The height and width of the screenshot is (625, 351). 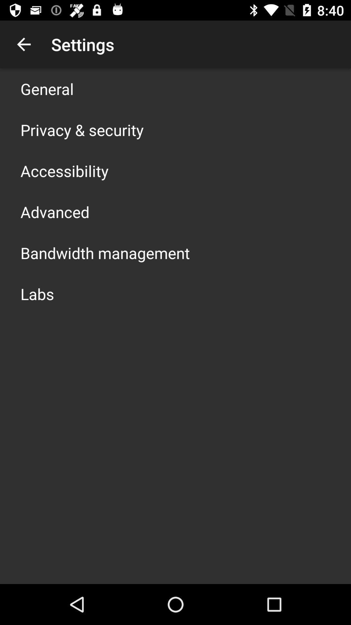 I want to click on item below the bandwidth management icon, so click(x=37, y=293).